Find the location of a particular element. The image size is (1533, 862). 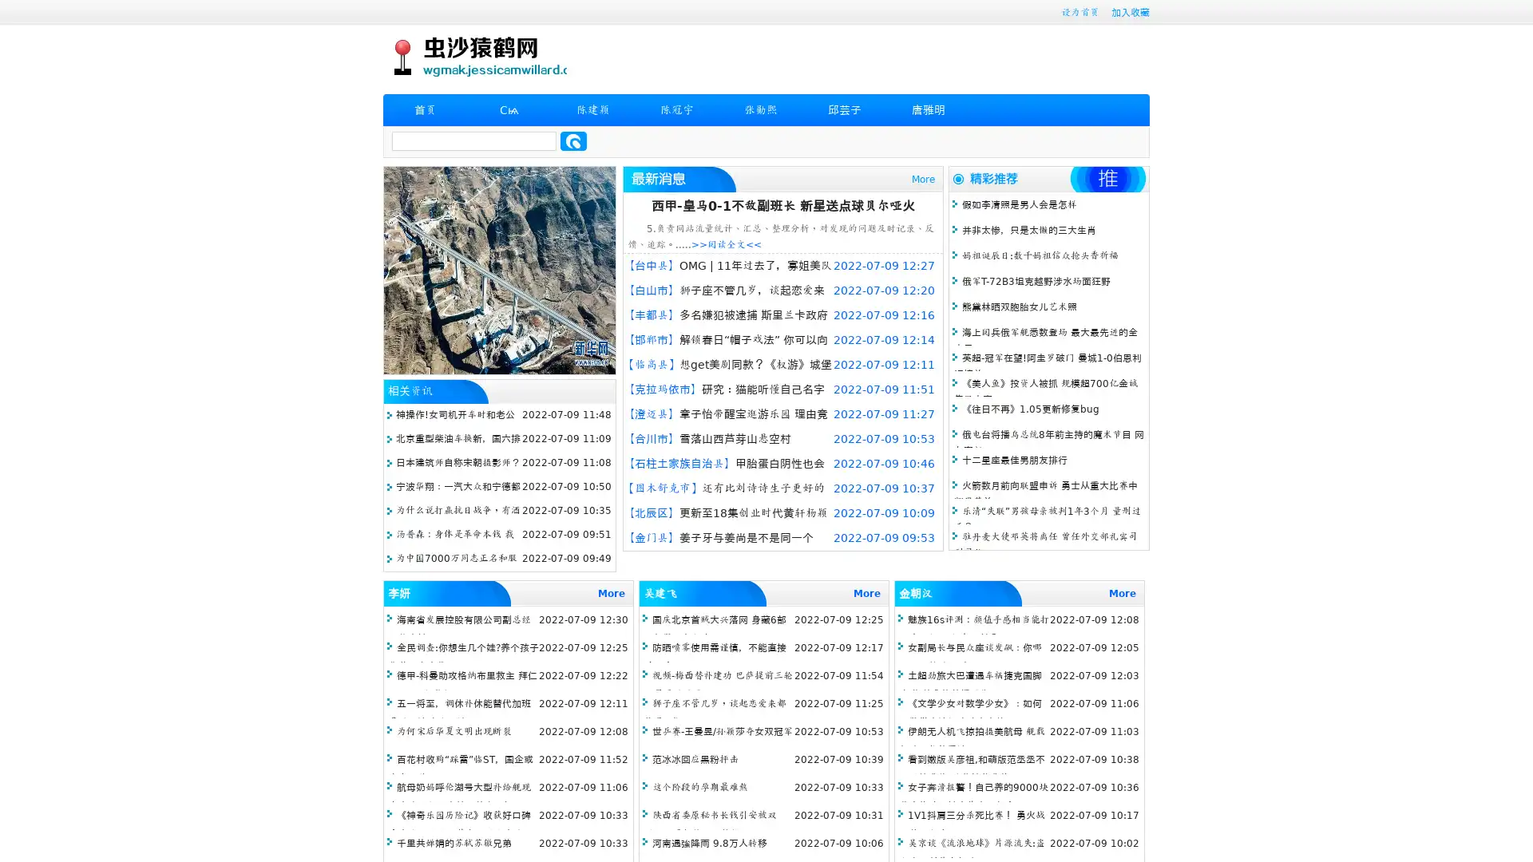

Search is located at coordinates (573, 140).